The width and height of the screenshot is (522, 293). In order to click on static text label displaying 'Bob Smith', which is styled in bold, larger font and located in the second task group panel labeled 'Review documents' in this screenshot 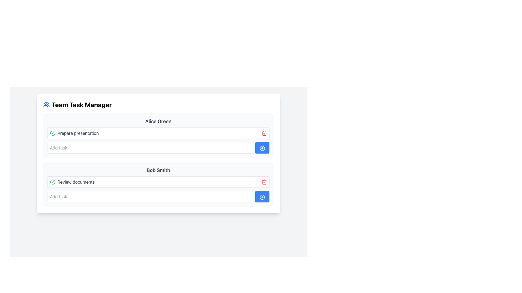, I will do `click(158, 170)`.